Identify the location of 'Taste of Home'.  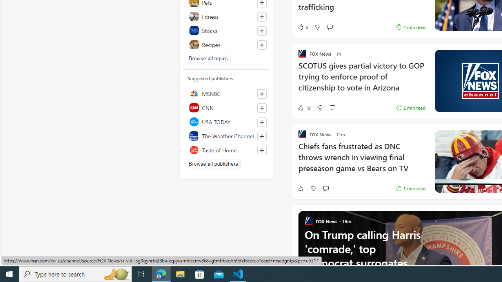
(226, 150).